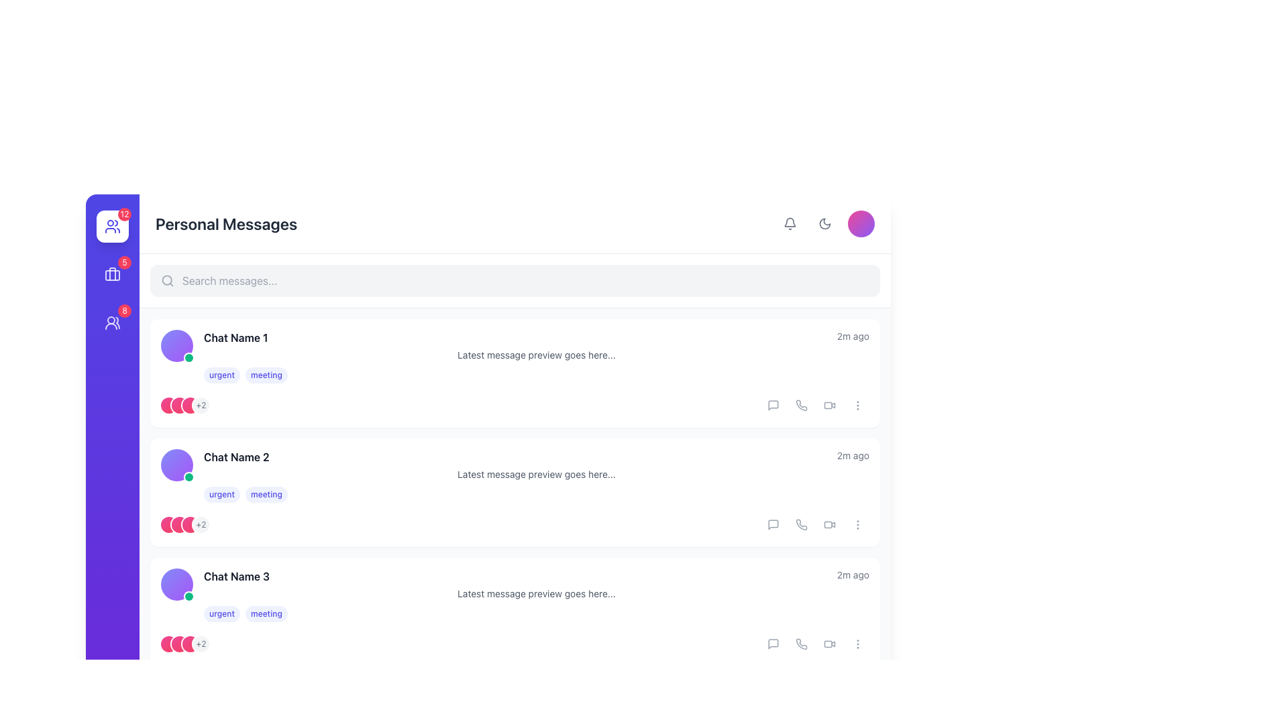 This screenshot has height=724, width=1288. I want to click on the vertical ellipsis icon consisting of three vertically aligned circles styled in gray, so click(857, 643).